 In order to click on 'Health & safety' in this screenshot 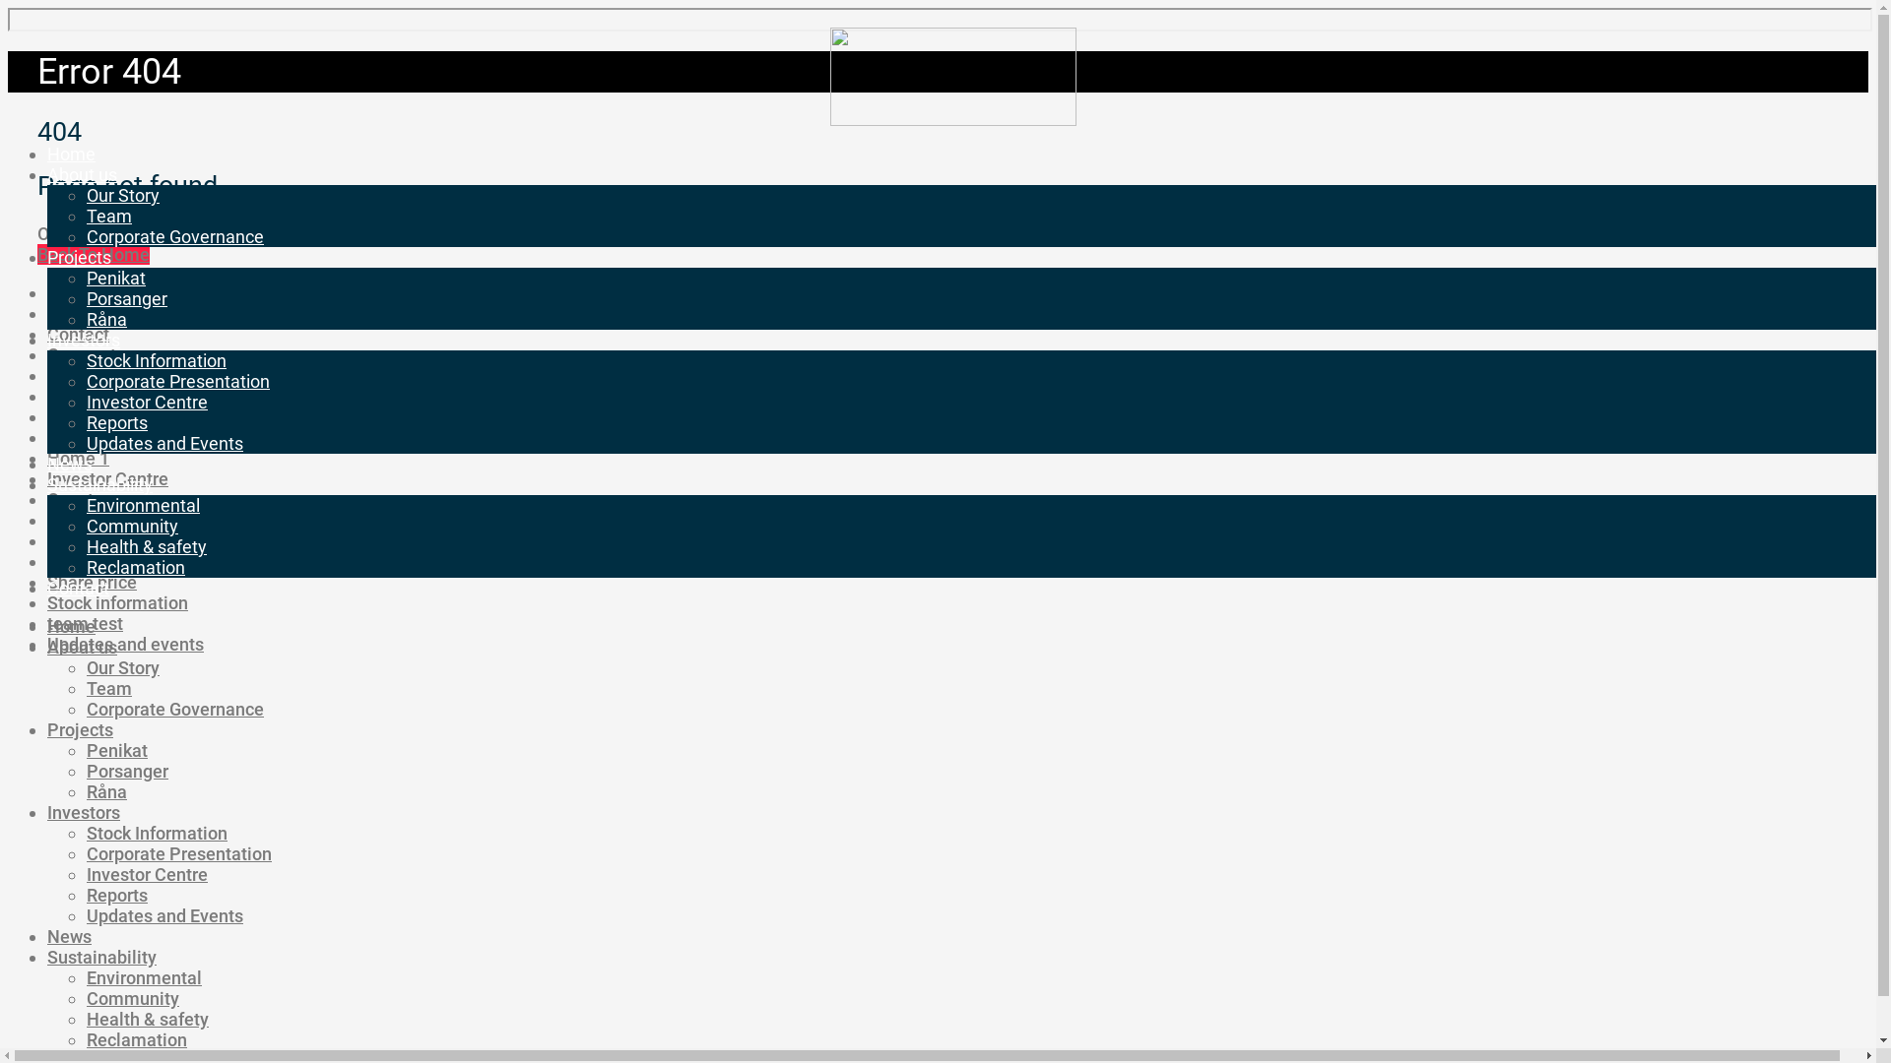, I will do `click(146, 1019)`.